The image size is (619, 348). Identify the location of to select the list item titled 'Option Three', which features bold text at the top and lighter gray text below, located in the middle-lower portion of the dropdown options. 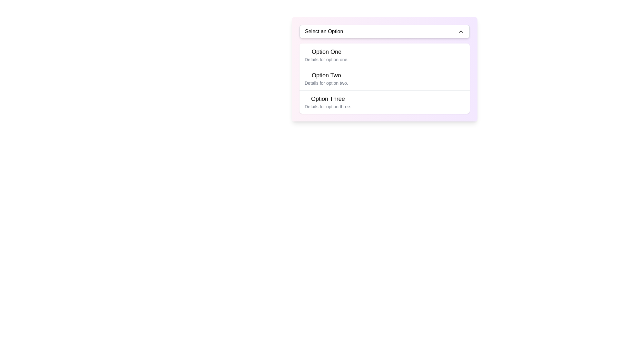
(328, 101).